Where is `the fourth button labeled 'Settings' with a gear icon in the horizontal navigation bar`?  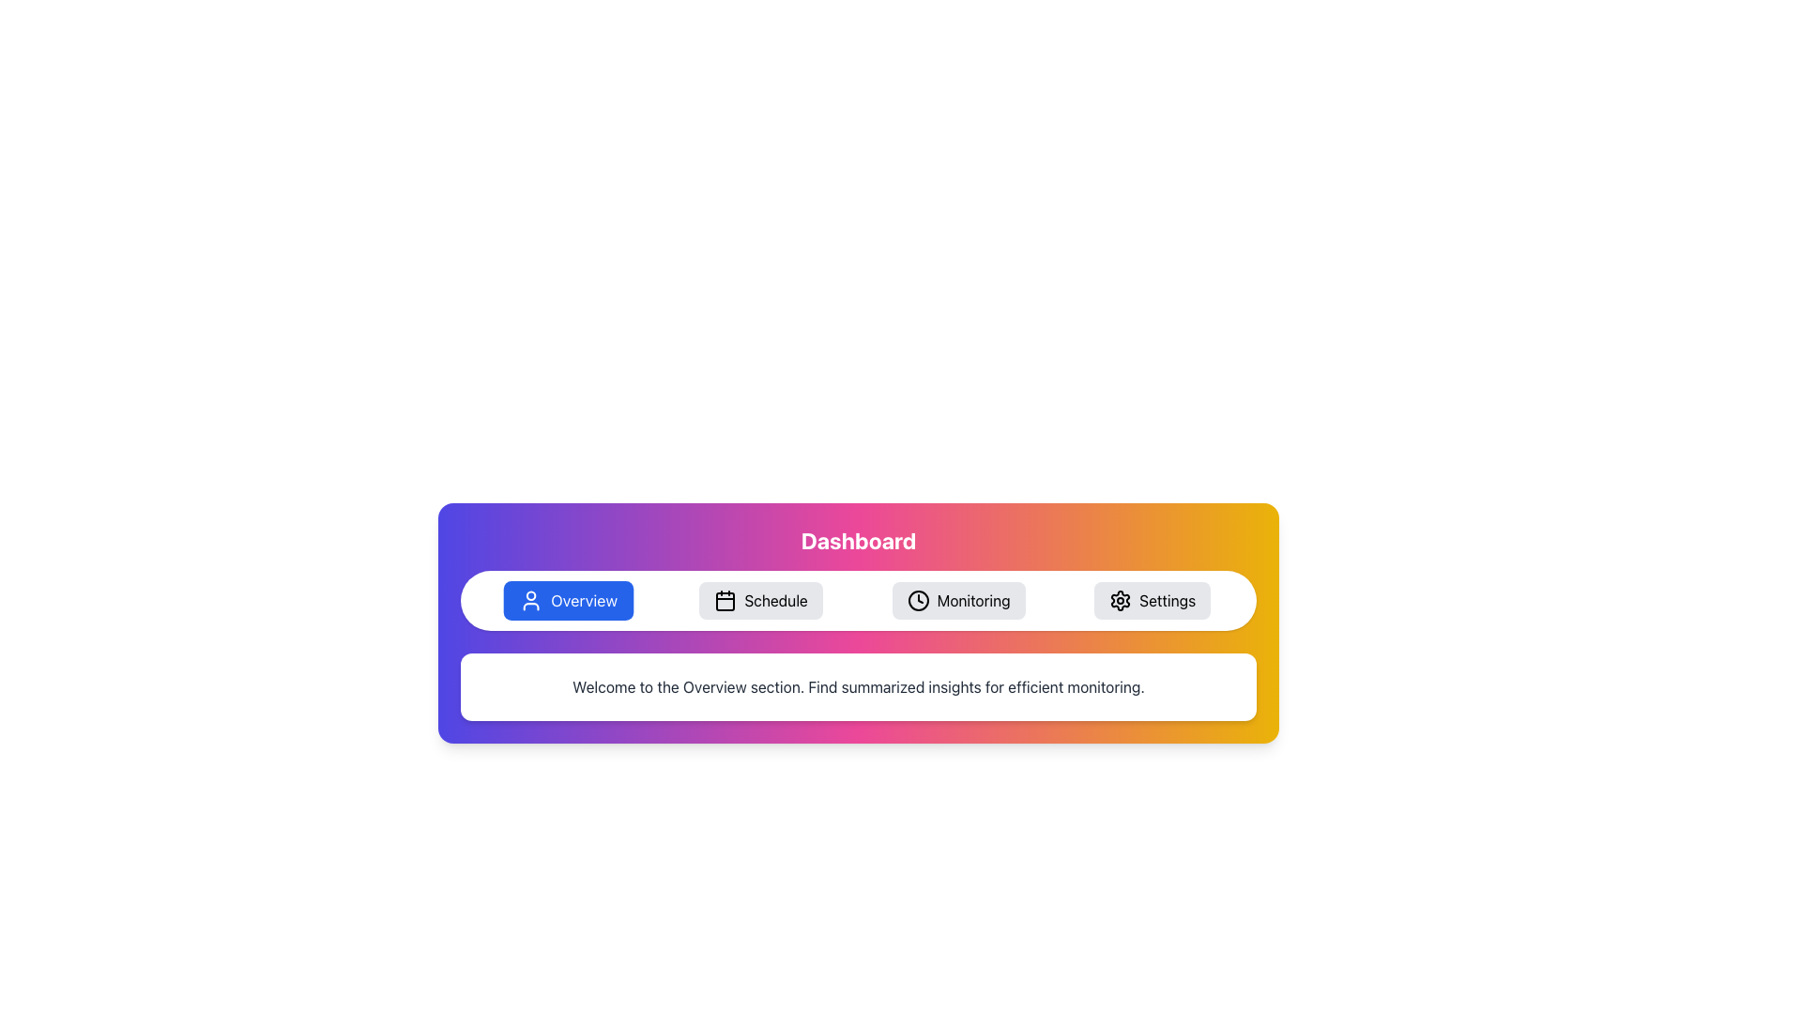 the fourth button labeled 'Settings' with a gear icon in the horizontal navigation bar is located at coordinates (1152, 601).